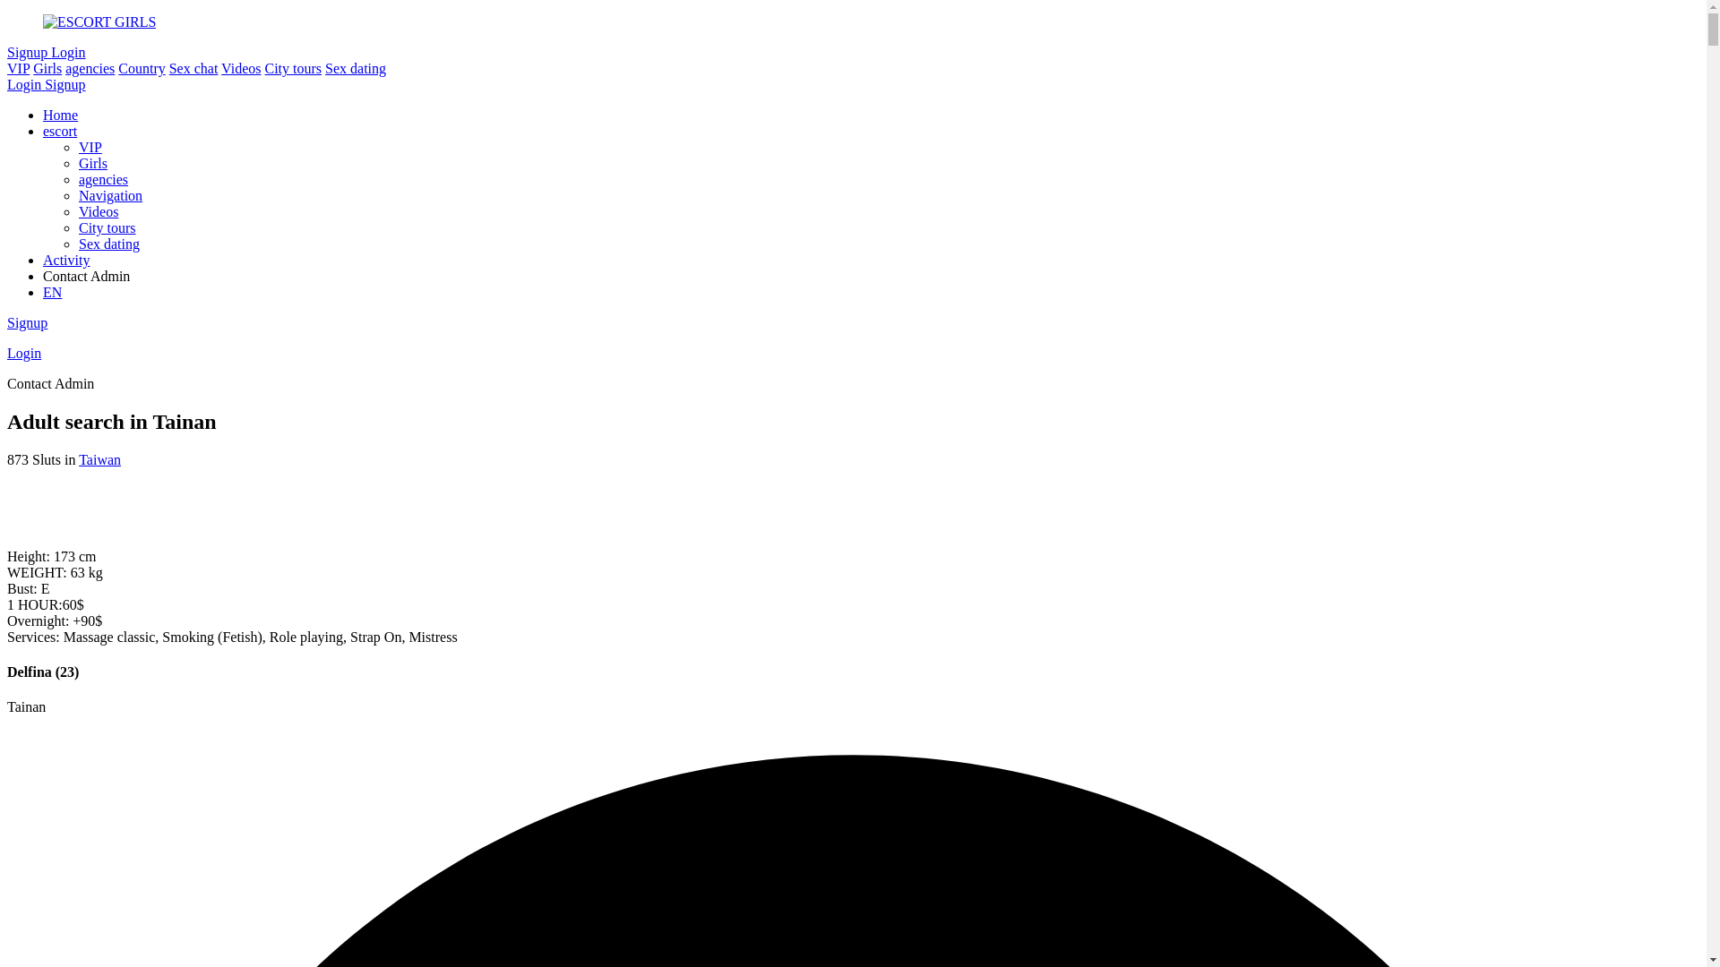  I want to click on 'Sex chat', so click(168, 67).